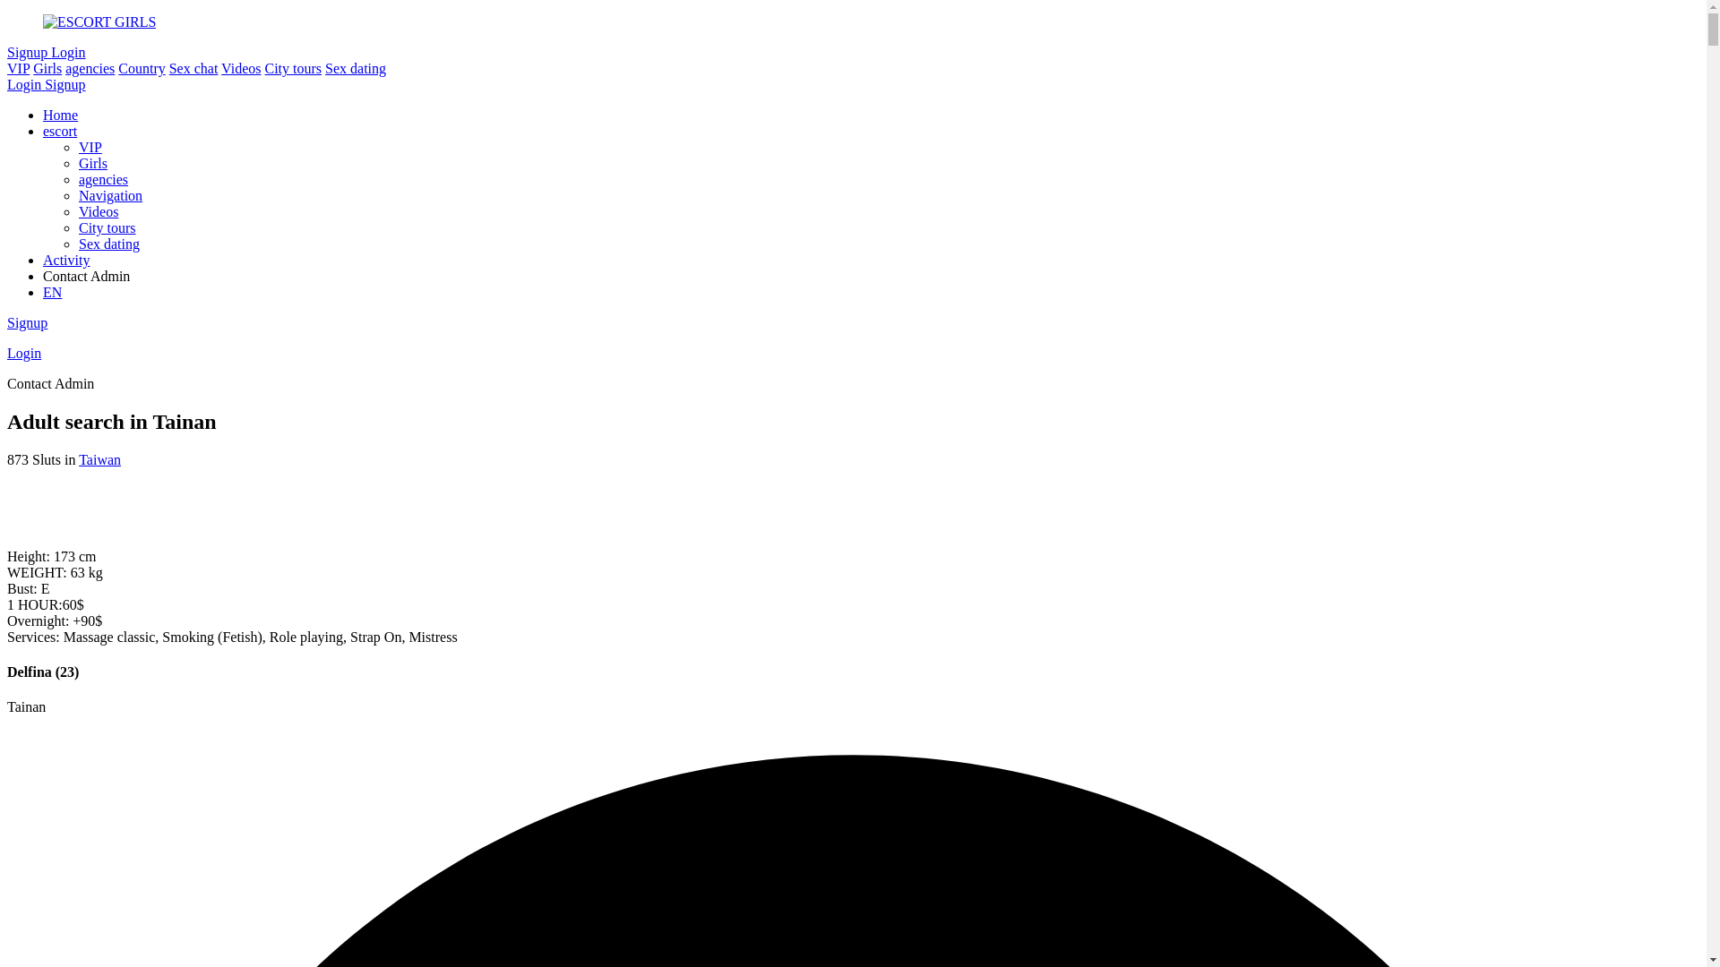  I want to click on 'Sex chat', so click(168, 67).